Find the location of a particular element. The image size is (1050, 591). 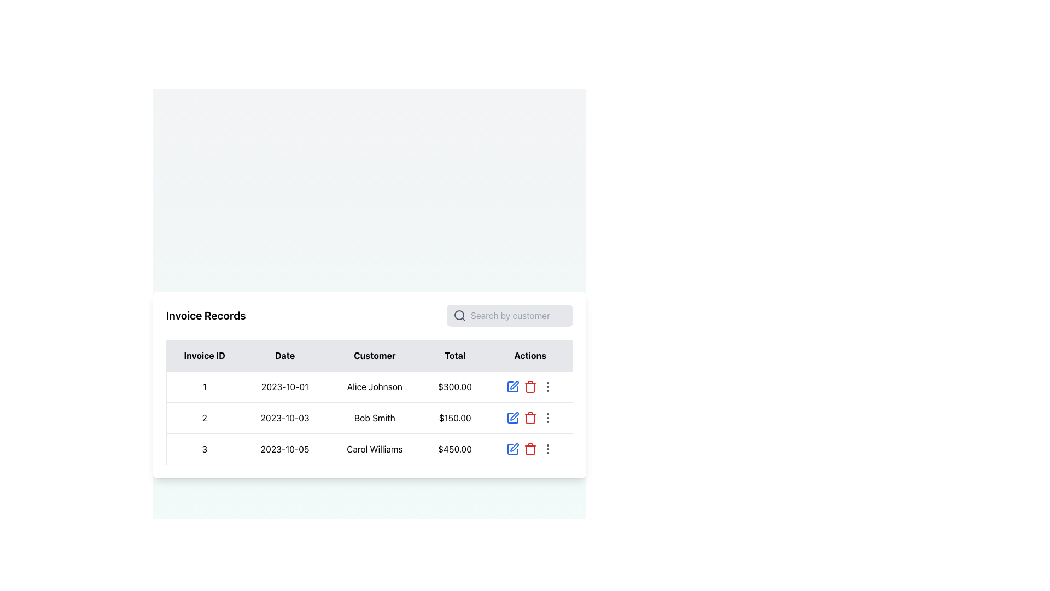

the blue pencil icon in the Actions column of the first row in the table to observe its hover effects is located at coordinates (512, 386).